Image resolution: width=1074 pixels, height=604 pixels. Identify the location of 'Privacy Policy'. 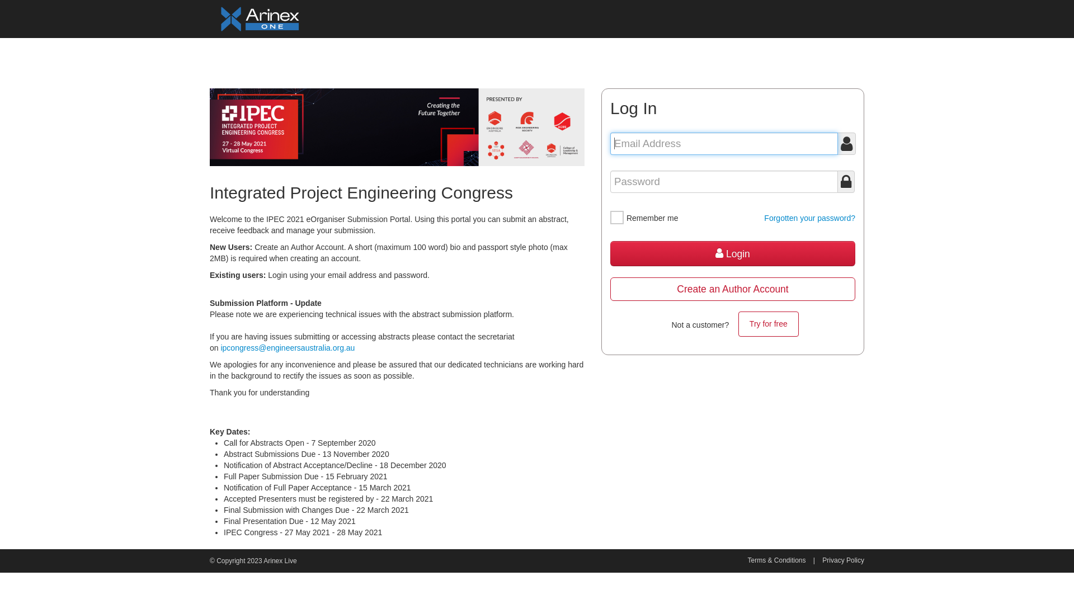
(843, 560).